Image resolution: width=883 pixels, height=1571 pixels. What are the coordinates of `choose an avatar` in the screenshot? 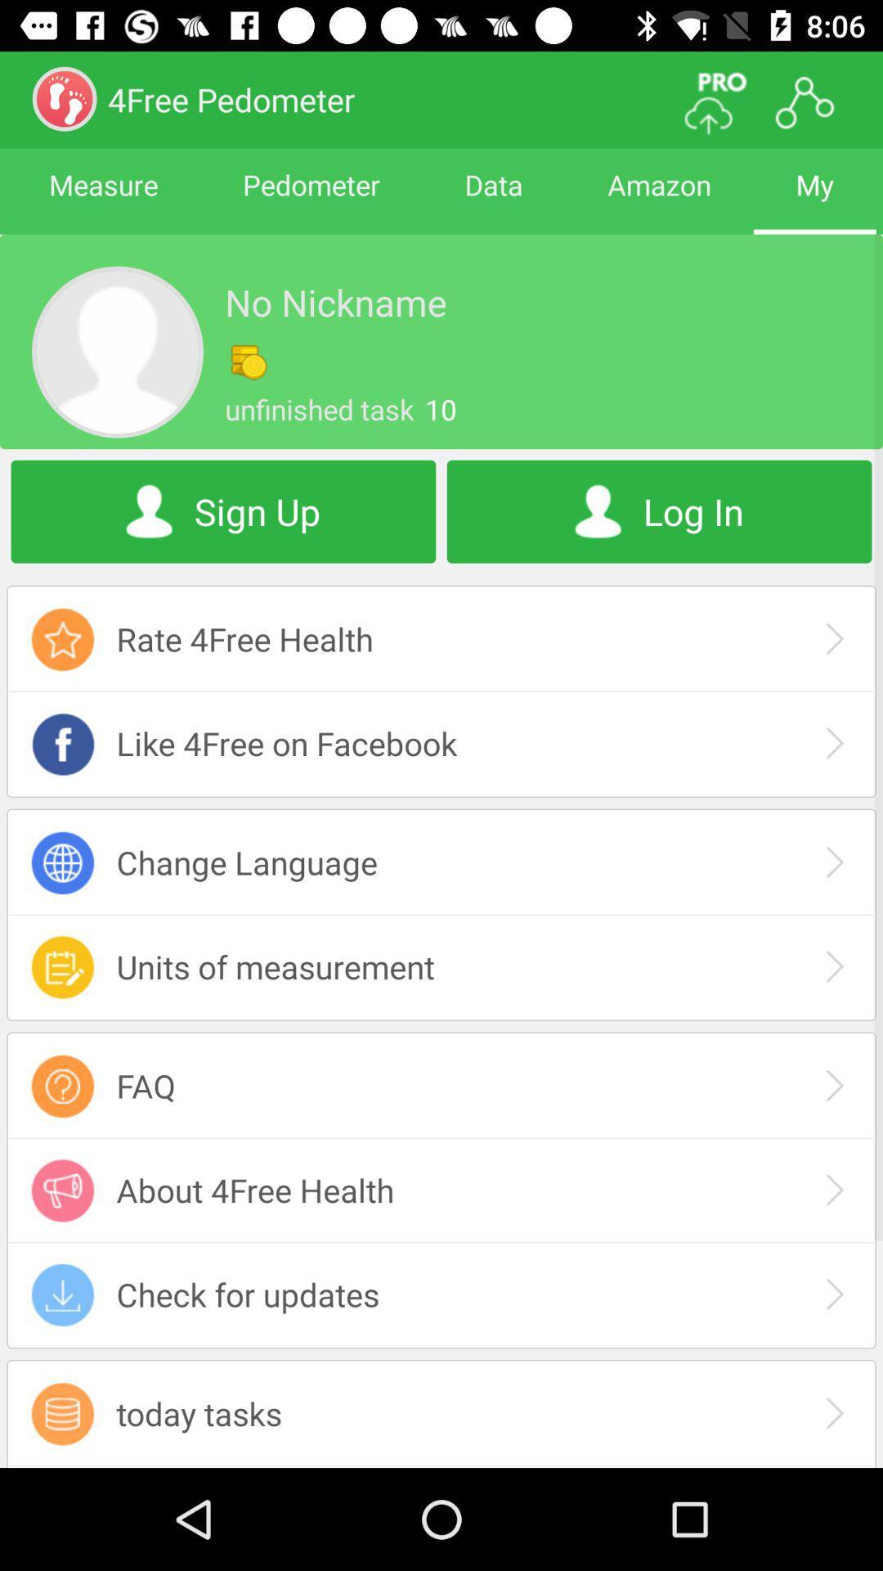 It's located at (116, 351).